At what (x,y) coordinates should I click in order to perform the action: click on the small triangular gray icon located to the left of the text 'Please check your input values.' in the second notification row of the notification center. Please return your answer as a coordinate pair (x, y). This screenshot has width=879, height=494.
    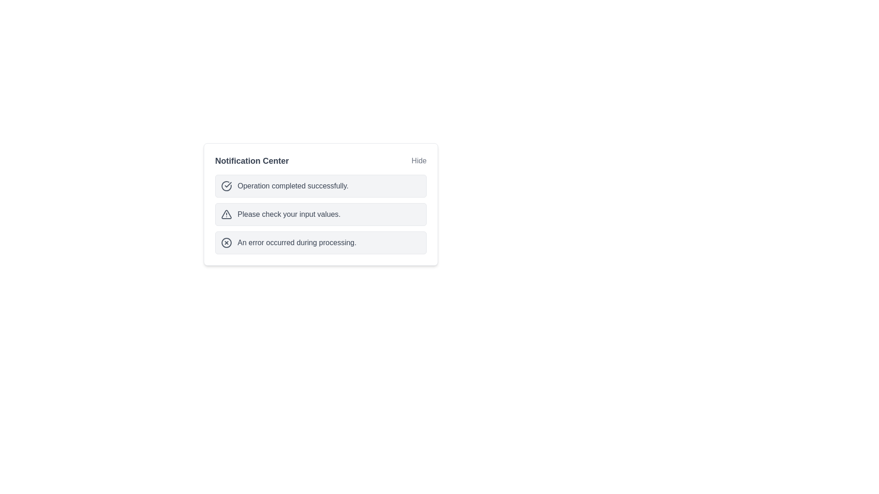
    Looking at the image, I should click on (226, 215).